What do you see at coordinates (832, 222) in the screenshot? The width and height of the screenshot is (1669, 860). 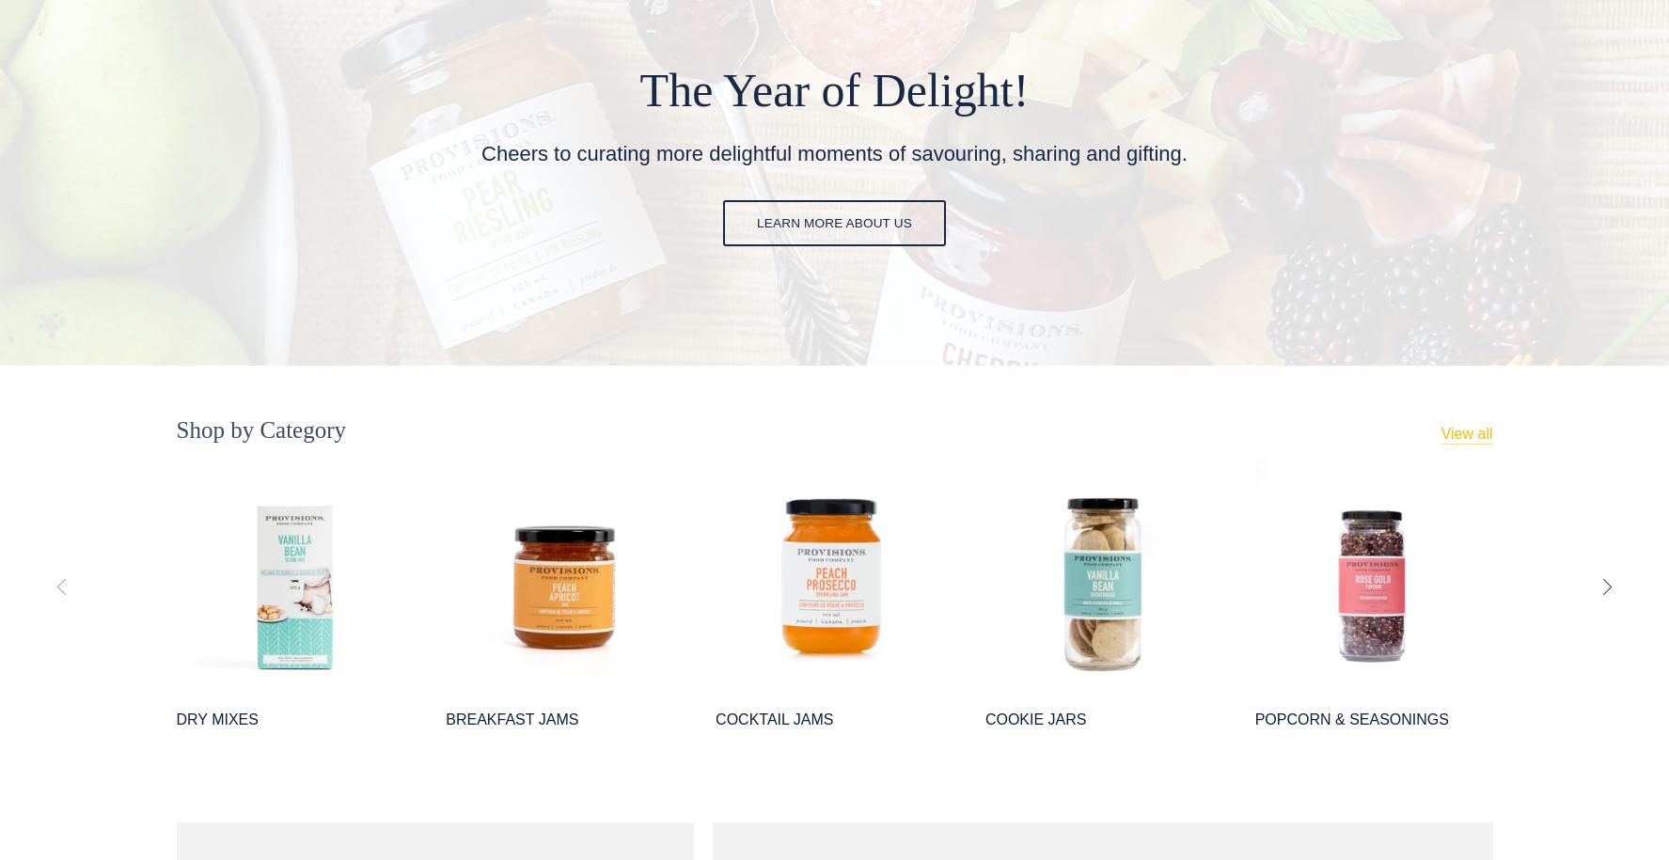 I see `'Learn More About Us'` at bounding box center [832, 222].